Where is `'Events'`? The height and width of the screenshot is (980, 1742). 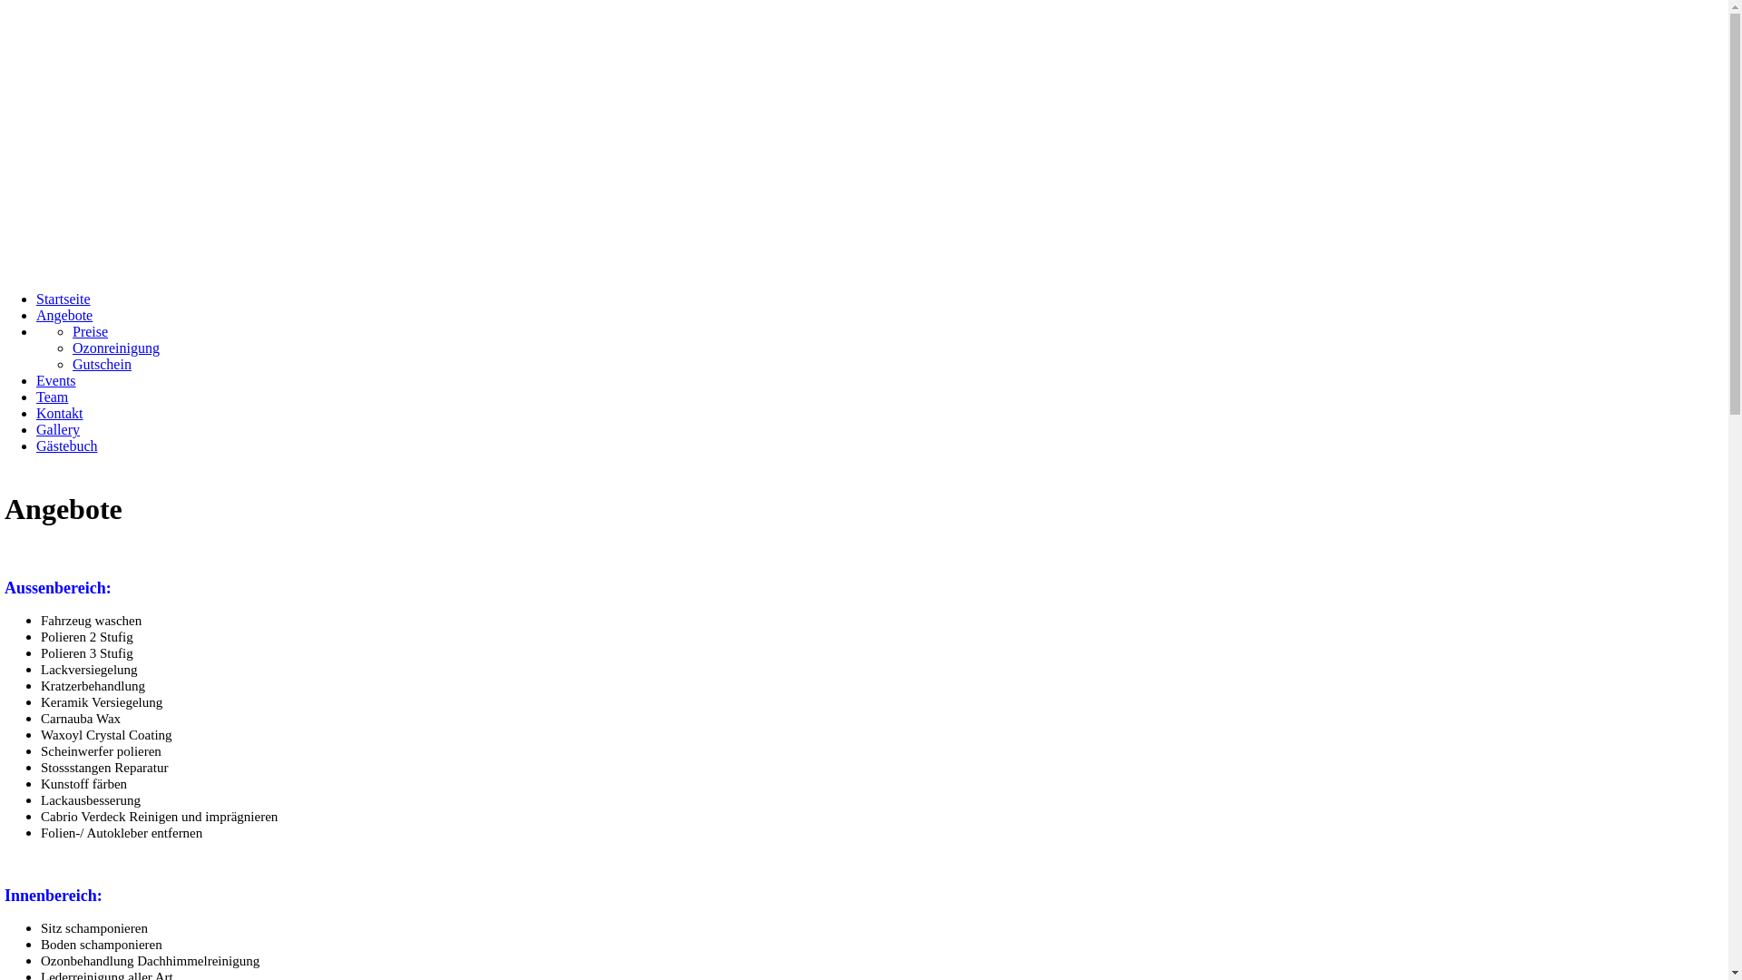
'Events' is located at coordinates (56, 379).